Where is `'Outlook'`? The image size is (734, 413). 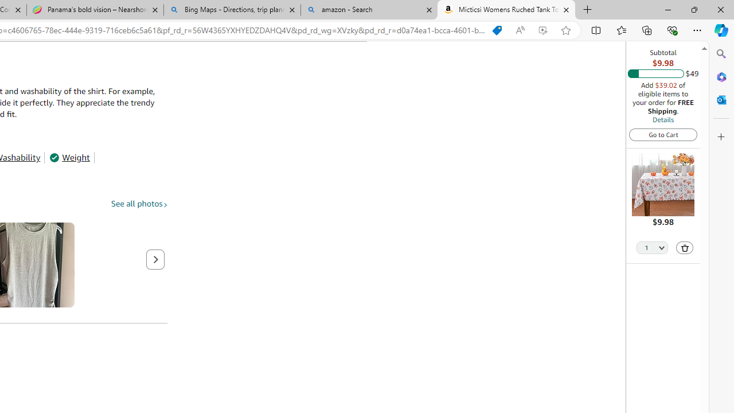 'Outlook' is located at coordinates (721, 99).